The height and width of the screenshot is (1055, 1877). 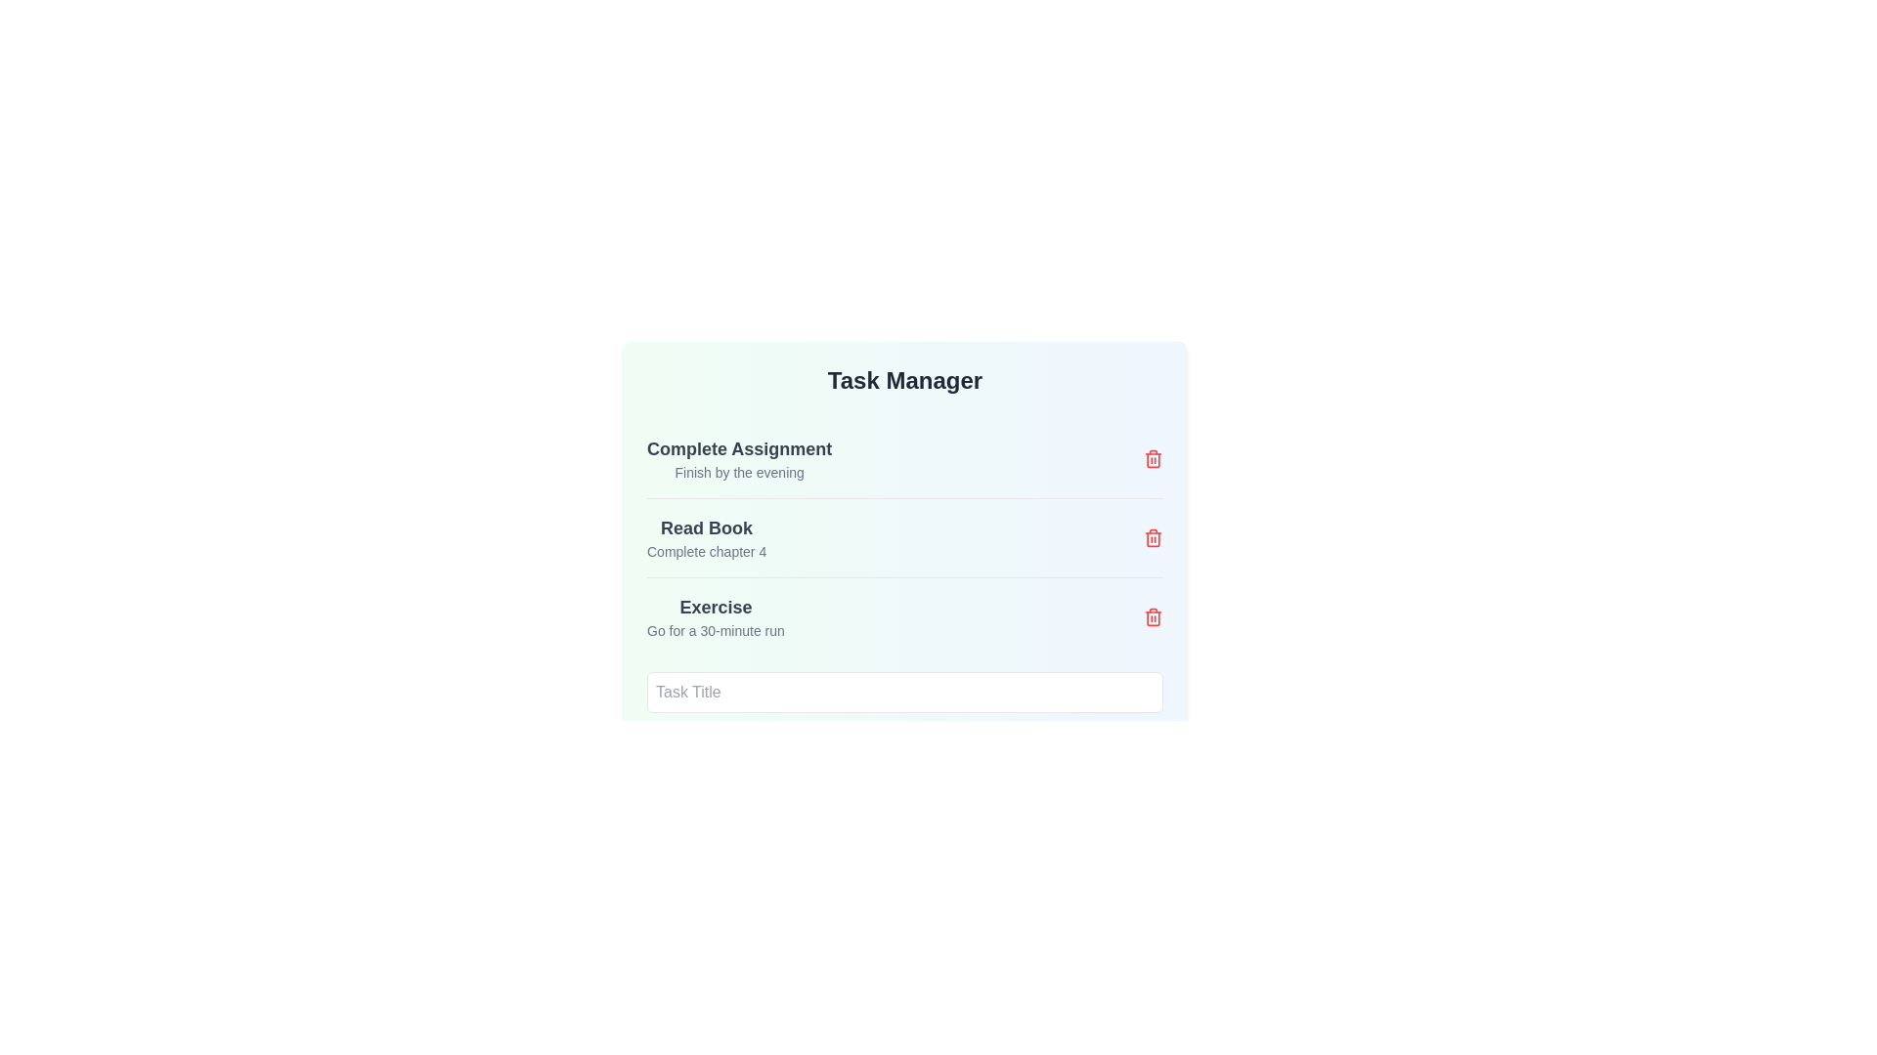 What do you see at coordinates (738, 472) in the screenshot?
I see `the text label displaying 'Finish by the evening', which is styled in gray and positioned directly beneath the task title 'Complete Assignment'` at bounding box center [738, 472].